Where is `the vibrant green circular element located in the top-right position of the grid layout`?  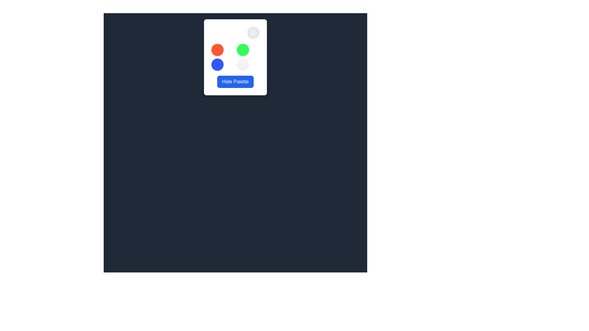
the vibrant green circular element located in the top-right position of the grid layout is located at coordinates (242, 49).